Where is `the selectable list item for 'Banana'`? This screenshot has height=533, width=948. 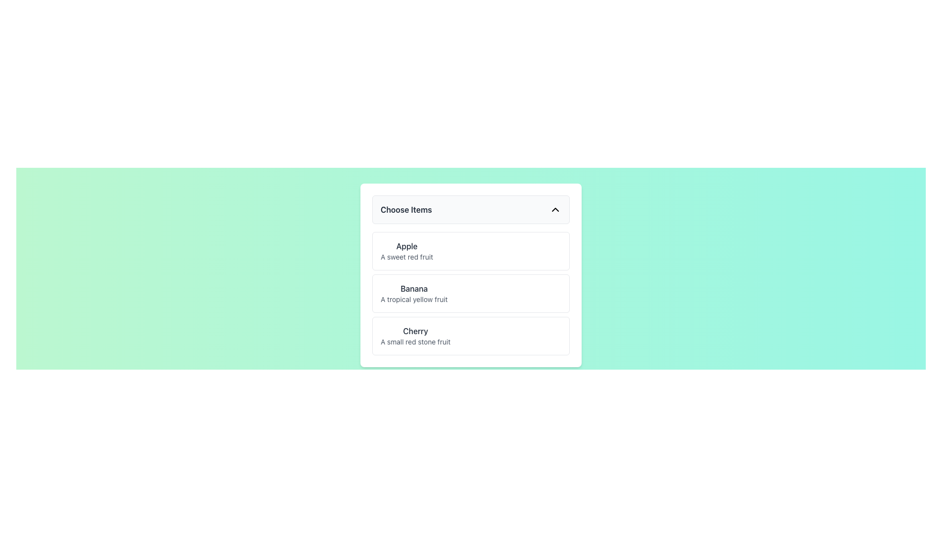 the selectable list item for 'Banana' is located at coordinates (471, 275).